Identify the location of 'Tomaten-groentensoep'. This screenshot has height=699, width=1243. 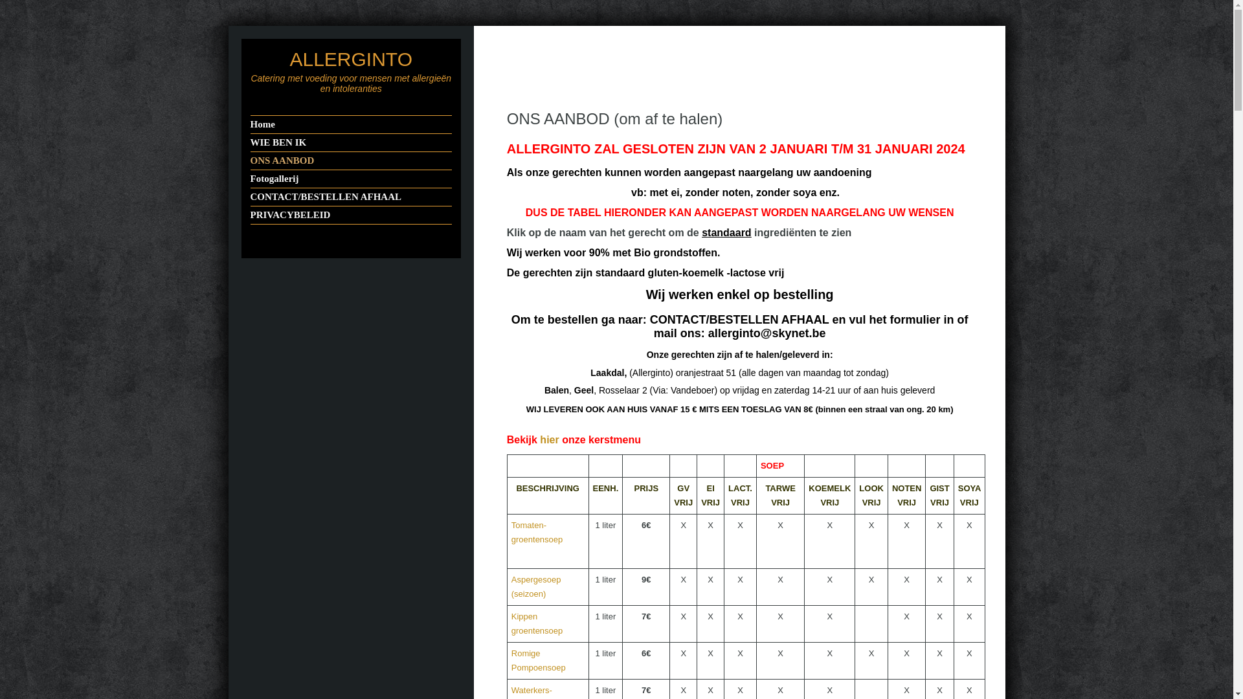
(537, 532).